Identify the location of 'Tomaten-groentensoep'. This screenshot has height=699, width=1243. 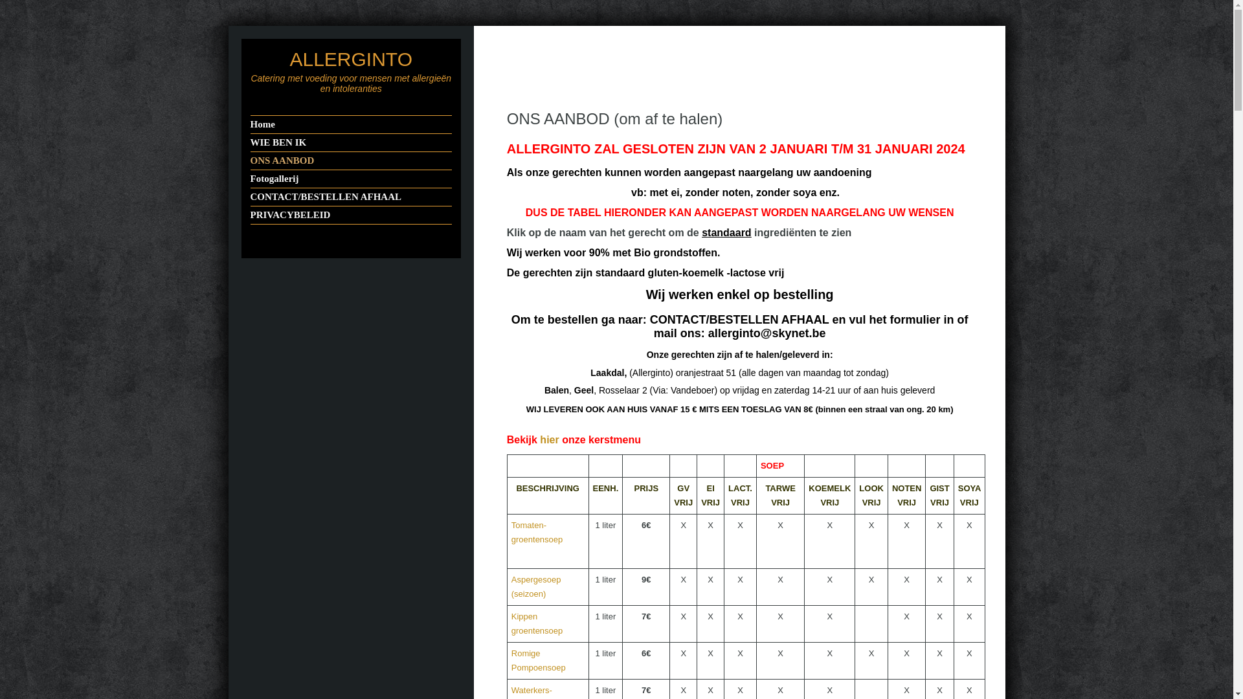
(537, 532).